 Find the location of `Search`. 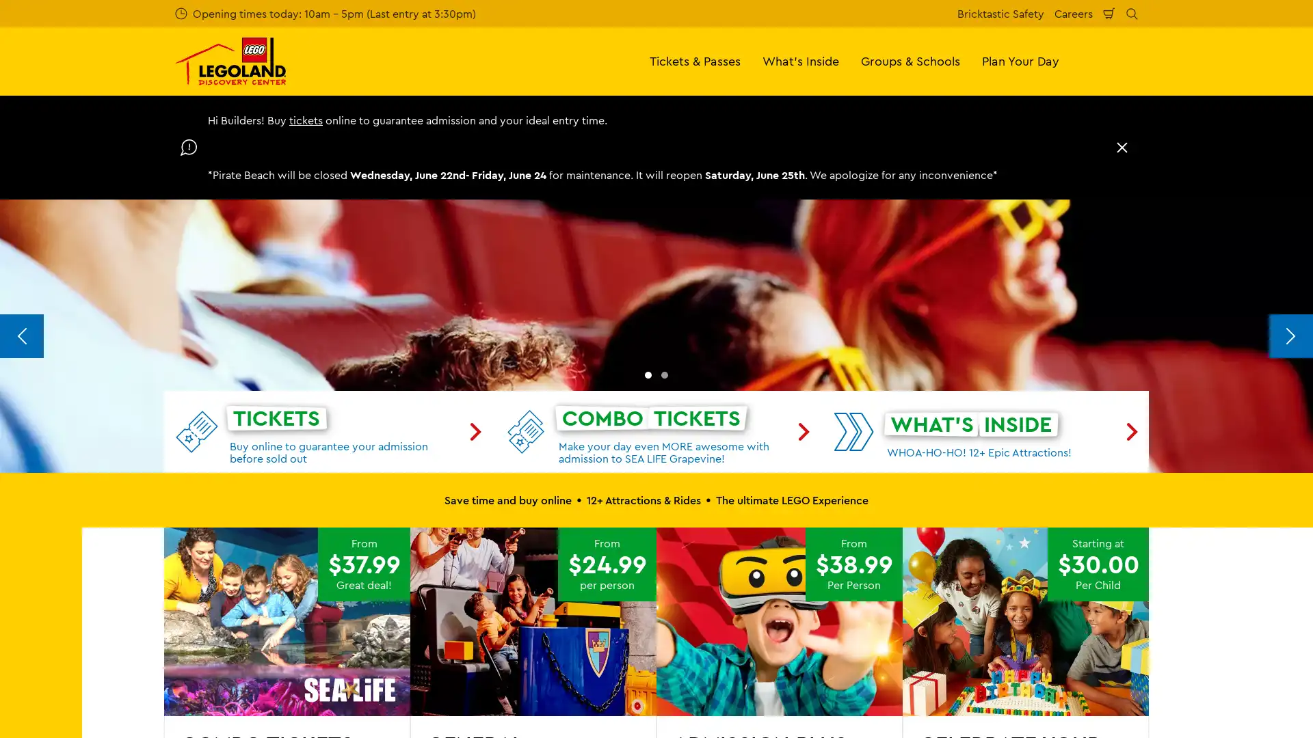

Search is located at coordinates (1132, 13).